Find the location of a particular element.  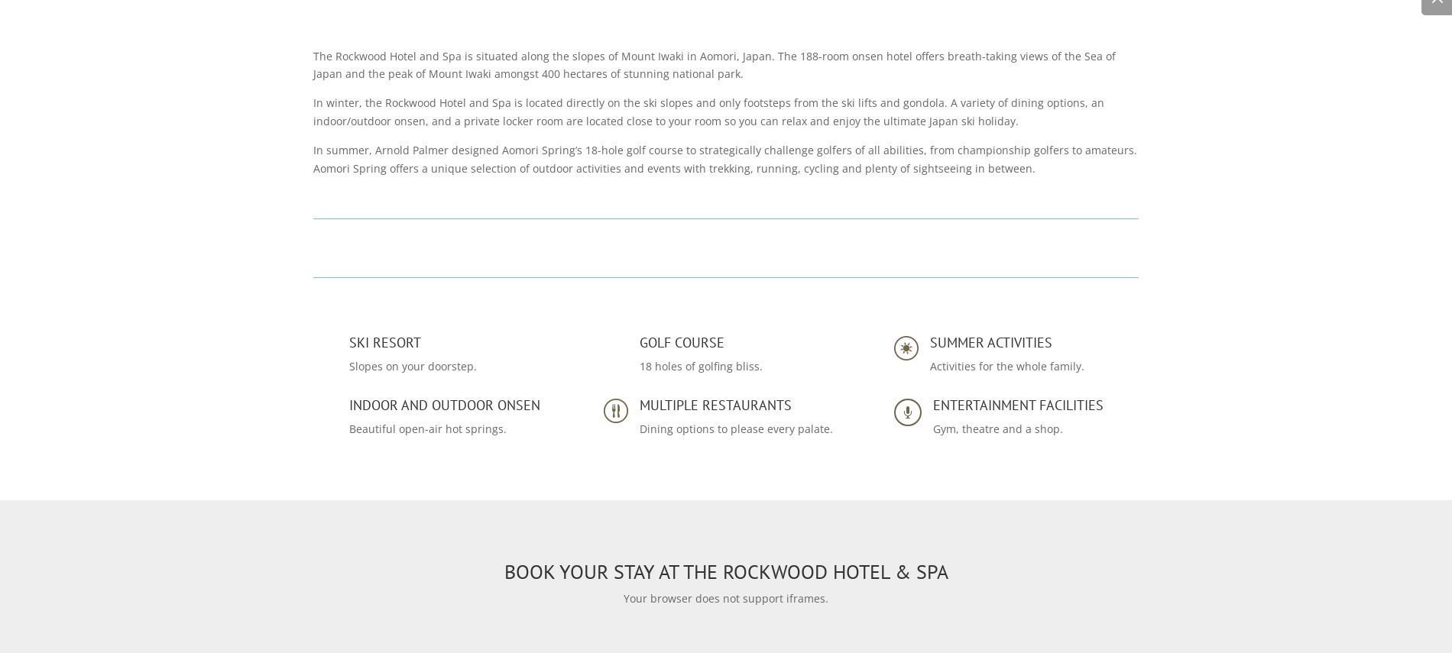

'ENTERTAINMENT FACILITIES' is located at coordinates (931, 404).